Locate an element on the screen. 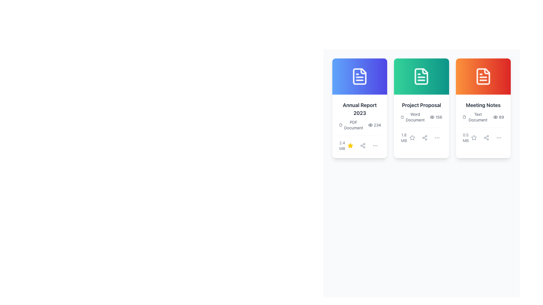 The image size is (543, 305). the overflow menu button located at the bottom-right area of the 'Meeting Notes' card is located at coordinates (499, 138).